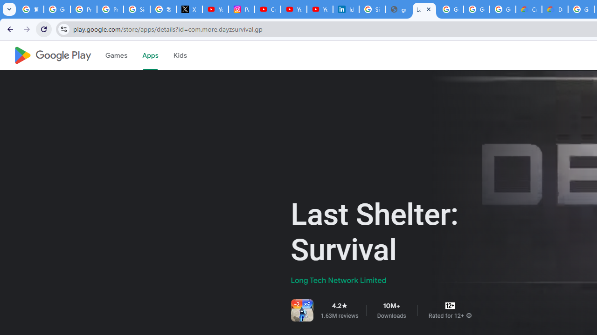  What do you see at coordinates (469, 315) in the screenshot?
I see `'More info about this content rating'` at bounding box center [469, 315].